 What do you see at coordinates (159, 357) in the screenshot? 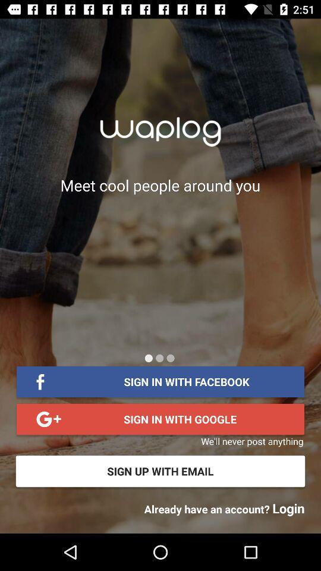
I see `next screen` at bounding box center [159, 357].